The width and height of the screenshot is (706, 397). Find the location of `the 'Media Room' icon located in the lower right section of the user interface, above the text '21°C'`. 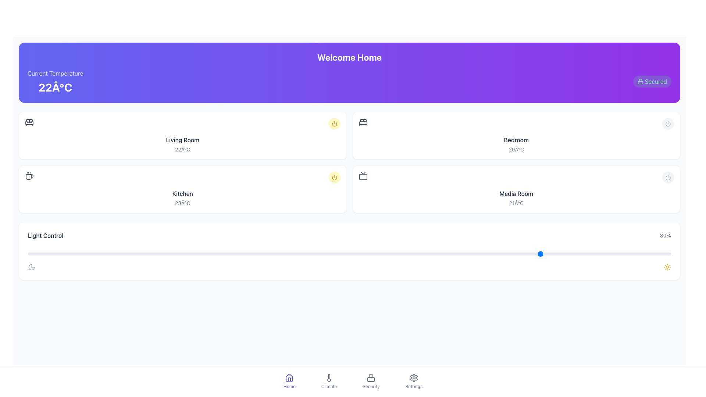

the 'Media Room' icon located in the lower right section of the user interface, above the text '21°C' is located at coordinates (363, 176).